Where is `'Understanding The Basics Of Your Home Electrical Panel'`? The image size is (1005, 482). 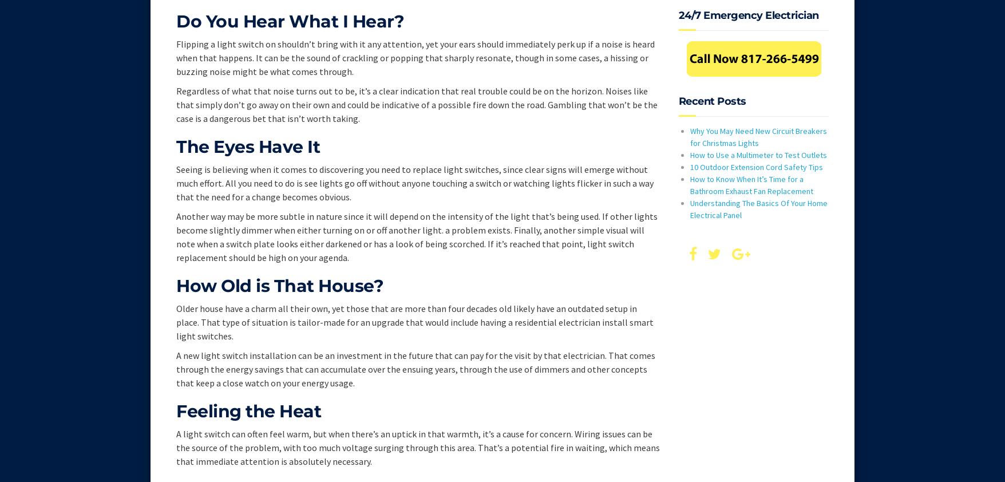 'Understanding The Basics Of Your Home Electrical Panel' is located at coordinates (758, 208).